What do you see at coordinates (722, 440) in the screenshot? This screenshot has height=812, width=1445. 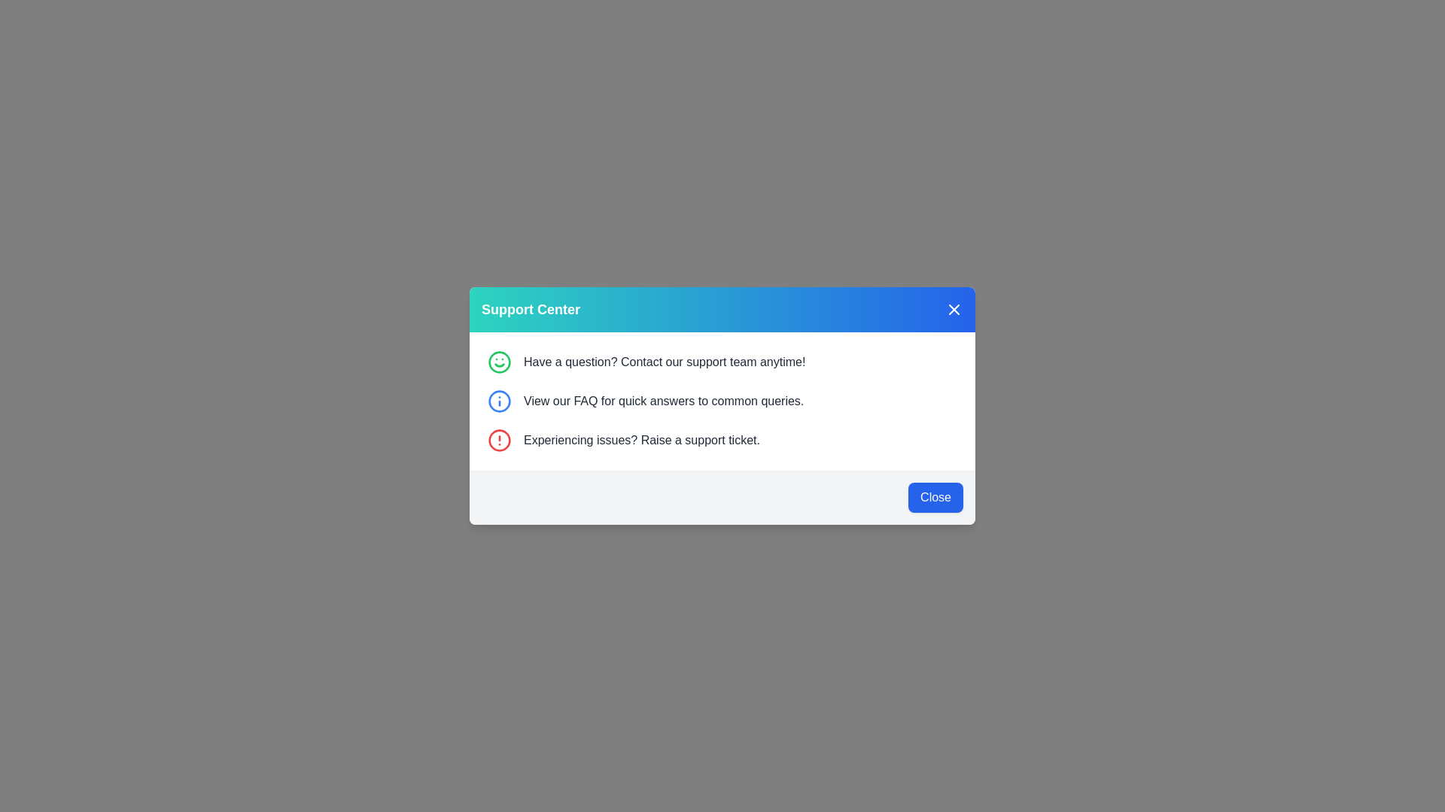 I see `the Informational Section with Text and Icon that features a red alert symbol and the text 'Experiencing issues? Raise a support ticket.'` at bounding box center [722, 440].